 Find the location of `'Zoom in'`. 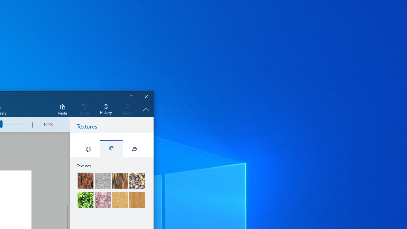

'Zoom in' is located at coordinates (32, 125).